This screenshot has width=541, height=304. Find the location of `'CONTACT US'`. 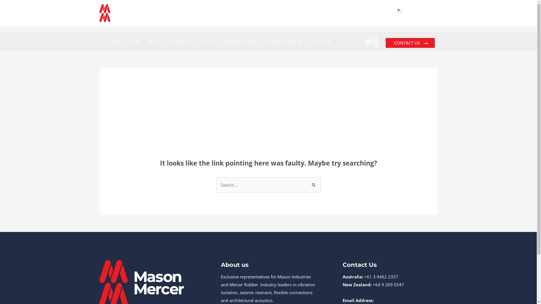

'CONTACT US' is located at coordinates (410, 43).